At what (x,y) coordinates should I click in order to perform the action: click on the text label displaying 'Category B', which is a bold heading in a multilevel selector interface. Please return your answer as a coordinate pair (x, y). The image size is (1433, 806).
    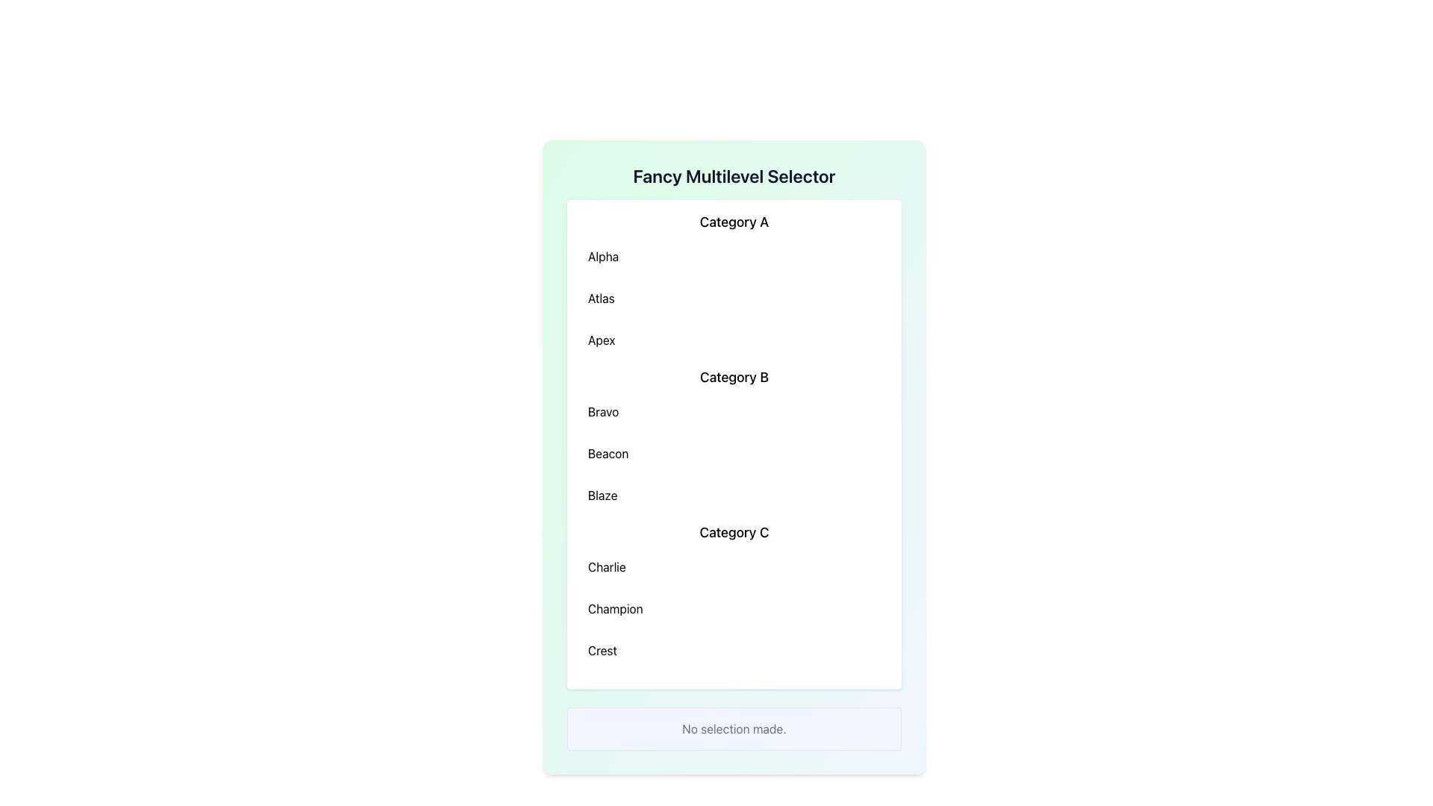
    Looking at the image, I should click on (734, 376).